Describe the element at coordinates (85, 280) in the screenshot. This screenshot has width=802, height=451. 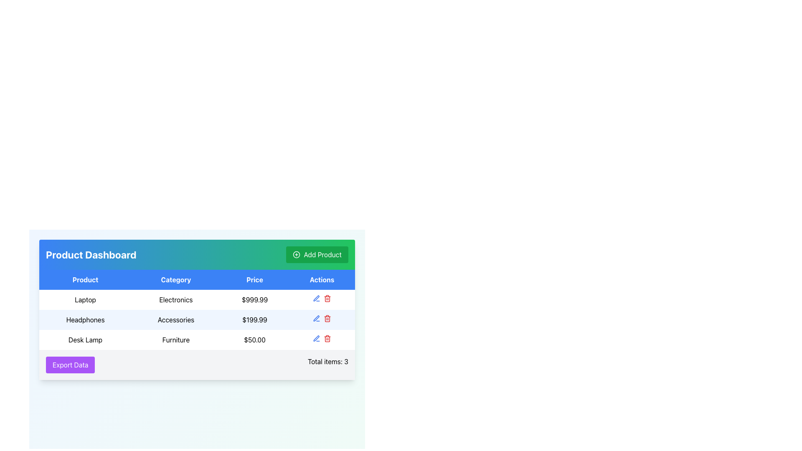
I see `the first column header of the table that indicates product data, located to the left of 'Category'` at that location.